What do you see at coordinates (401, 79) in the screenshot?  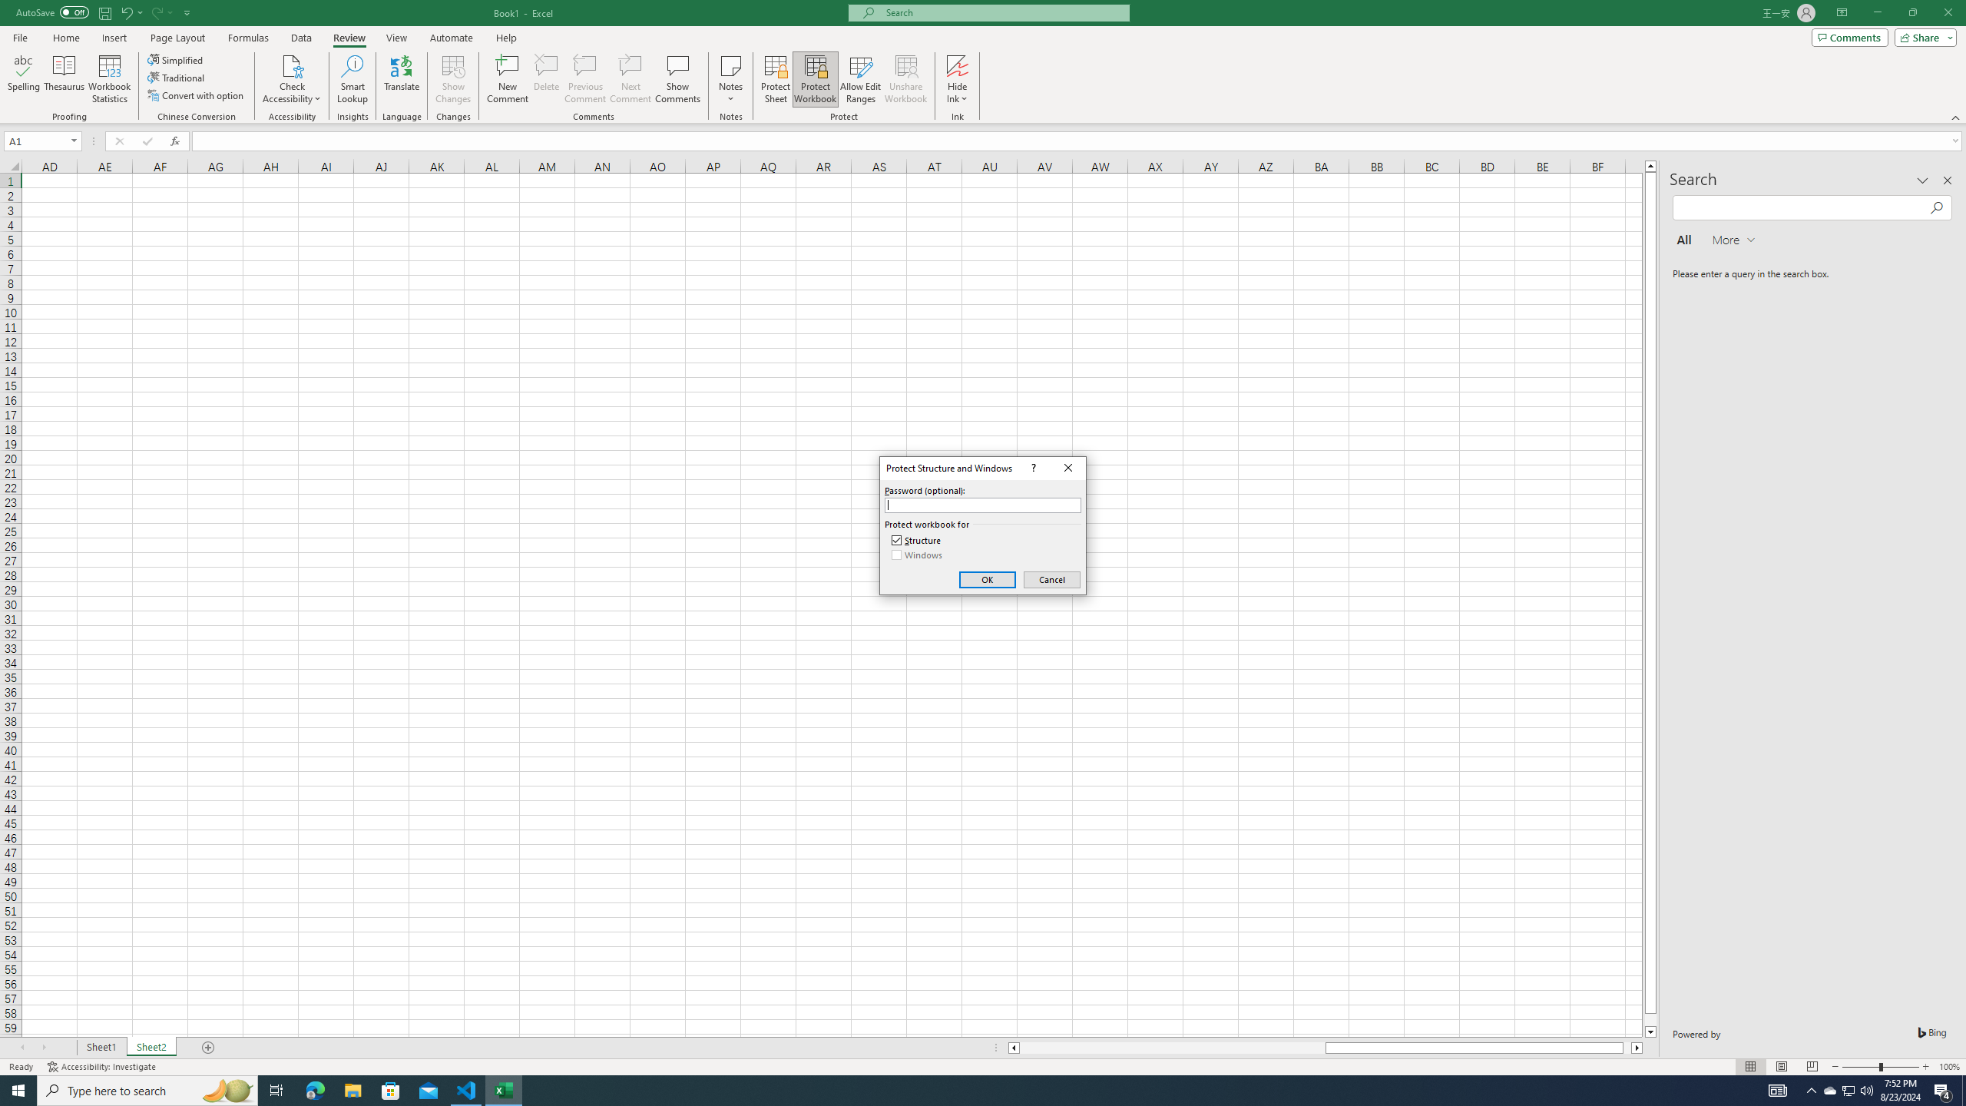 I see `'Translate'` at bounding box center [401, 79].